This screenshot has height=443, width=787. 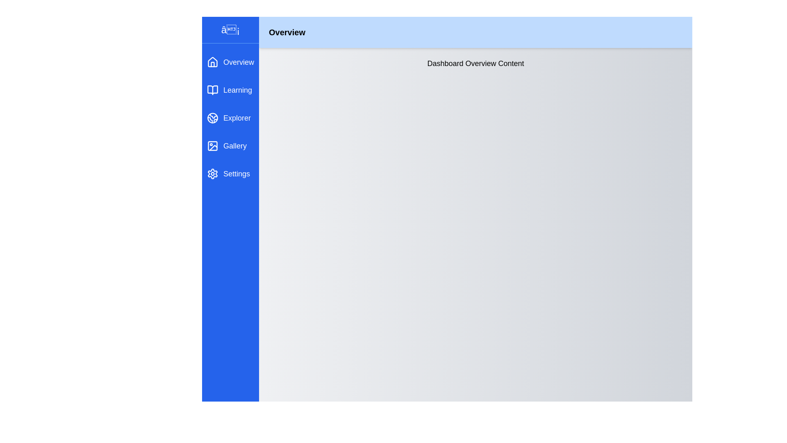 I want to click on the circular graphic icon representing the globe within the 'Explorer' navigation item on the vertical menu bar, so click(x=212, y=118).